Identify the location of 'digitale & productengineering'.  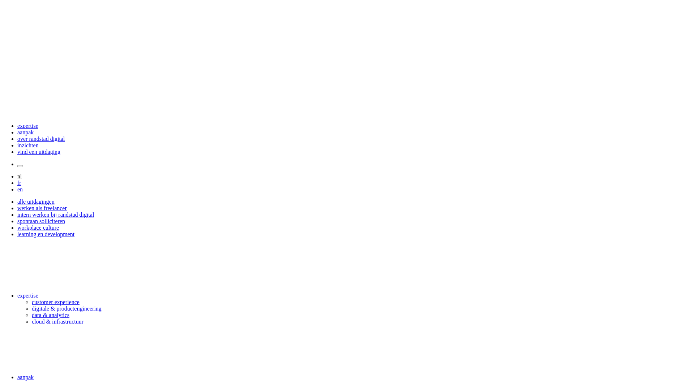
(31, 308).